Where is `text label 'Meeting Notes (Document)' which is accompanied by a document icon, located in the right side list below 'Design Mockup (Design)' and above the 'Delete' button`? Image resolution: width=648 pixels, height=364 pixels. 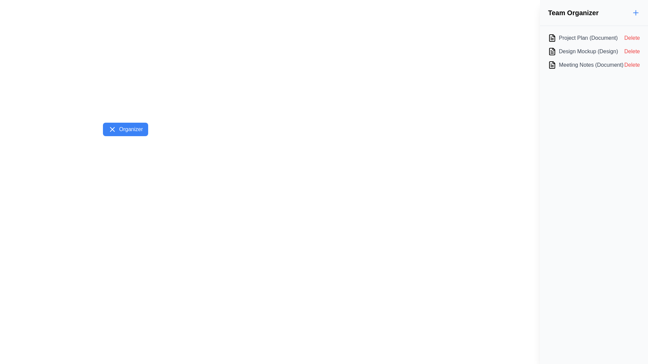
text label 'Meeting Notes (Document)' which is accompanied by a document icon, located in the right side list below 'Design Mockup (Design)' and above the 'Delete' button is located at coordinates (585, 65).